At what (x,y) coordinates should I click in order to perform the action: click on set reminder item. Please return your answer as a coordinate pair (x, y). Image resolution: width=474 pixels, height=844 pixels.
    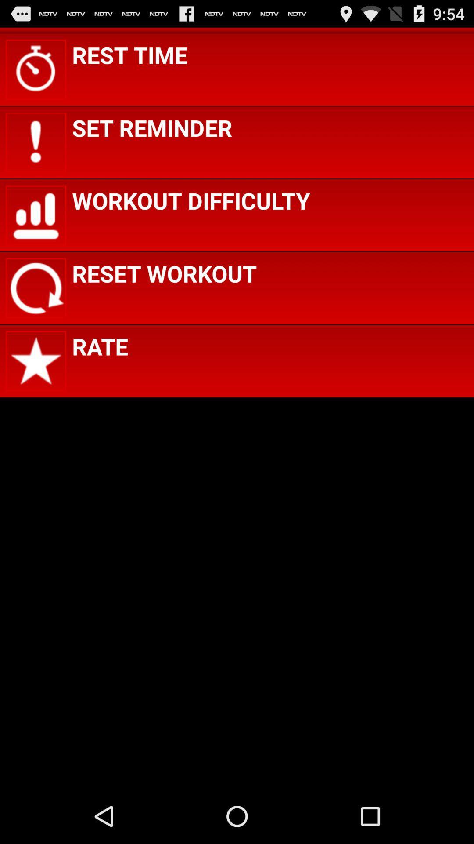
    Looking at the image, I should click on (151, 127).